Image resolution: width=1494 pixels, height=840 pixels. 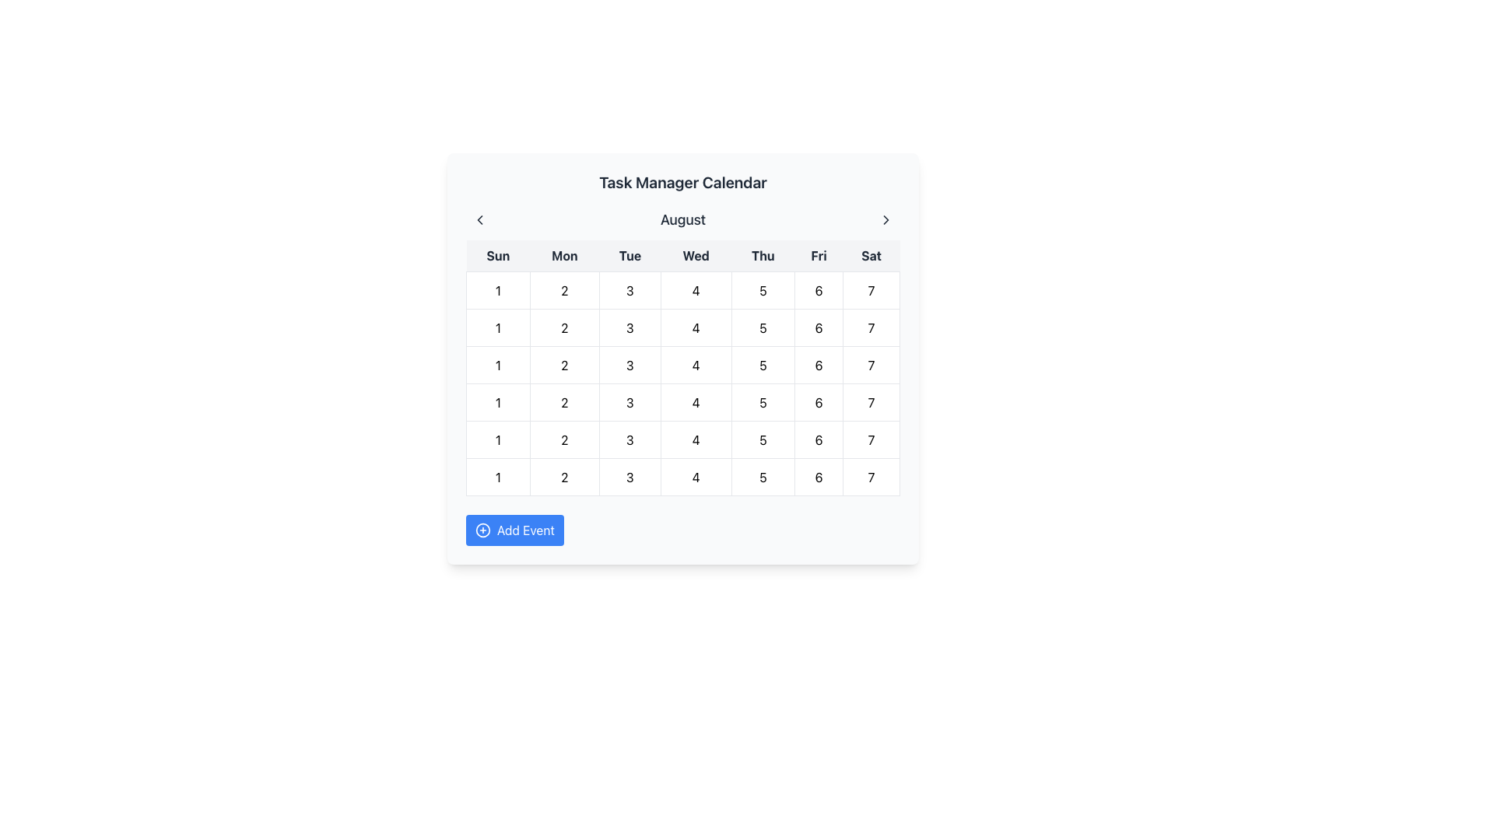 What do you see at coordinates (479, 219) in the screenshot?
I see `the leftward pointing chevron icon button located in the upper-left section of the interface` at bounding box center [479, 219].